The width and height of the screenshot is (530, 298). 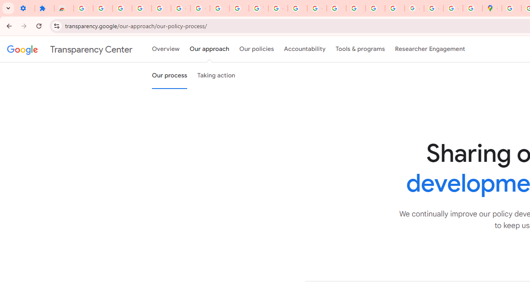 What do you see at coordinates (256, 49) in the screenshot?
I see `'Our policies'` at bounding box center [256, 49].